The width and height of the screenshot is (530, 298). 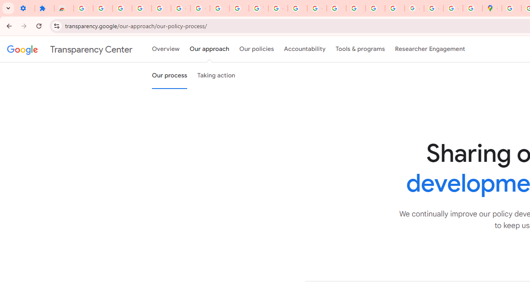 What do you see at coordinates (256, 49) in the screenshot?
I see `'Our policies'` at bounding box center [256, 49].